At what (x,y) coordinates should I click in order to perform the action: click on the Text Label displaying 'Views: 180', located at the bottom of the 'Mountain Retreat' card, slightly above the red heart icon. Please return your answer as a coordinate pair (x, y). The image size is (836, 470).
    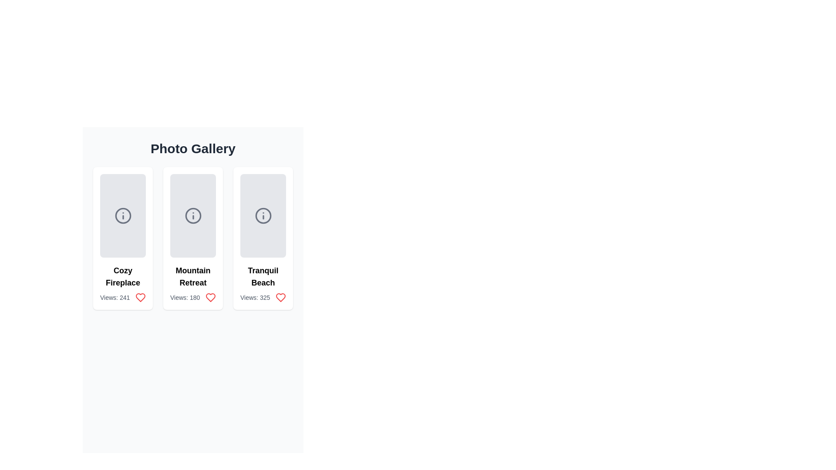
    Looking at the image, I should click on (185, 297).